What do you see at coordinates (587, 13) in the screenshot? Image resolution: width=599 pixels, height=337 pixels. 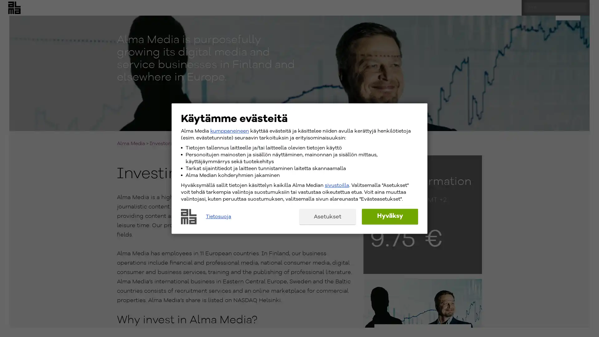 I see `Hae` at bounding box center [587, 13].